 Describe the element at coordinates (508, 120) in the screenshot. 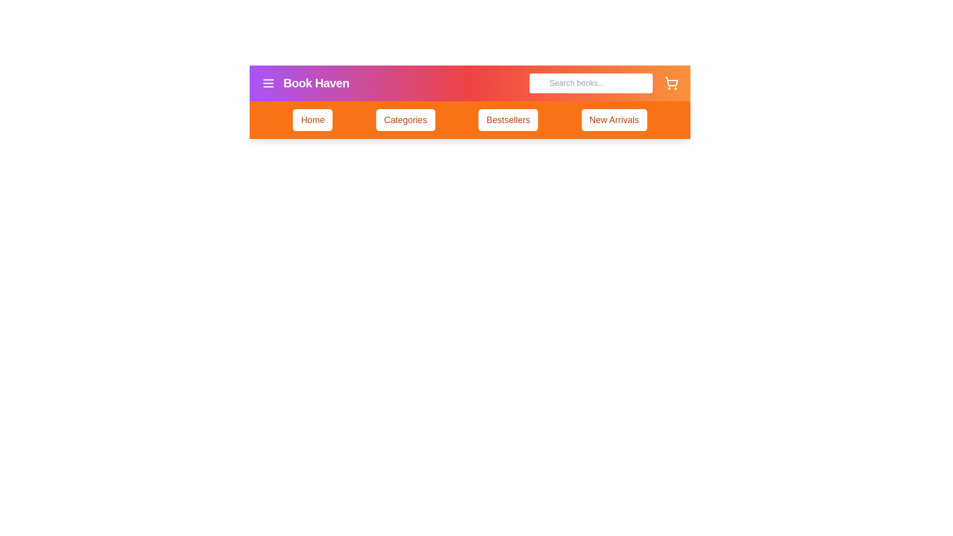

I see `the navigation item Bestsellers` at that location.